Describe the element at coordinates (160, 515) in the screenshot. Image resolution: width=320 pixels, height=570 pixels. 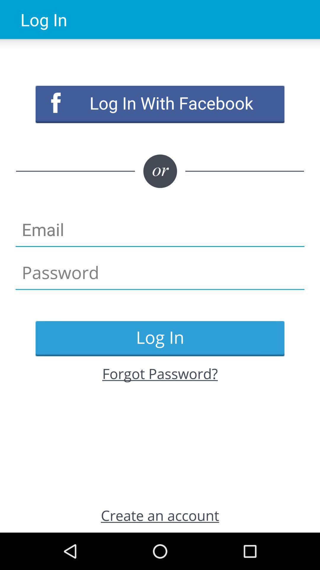
I see `the icon at the bottom` at that location.